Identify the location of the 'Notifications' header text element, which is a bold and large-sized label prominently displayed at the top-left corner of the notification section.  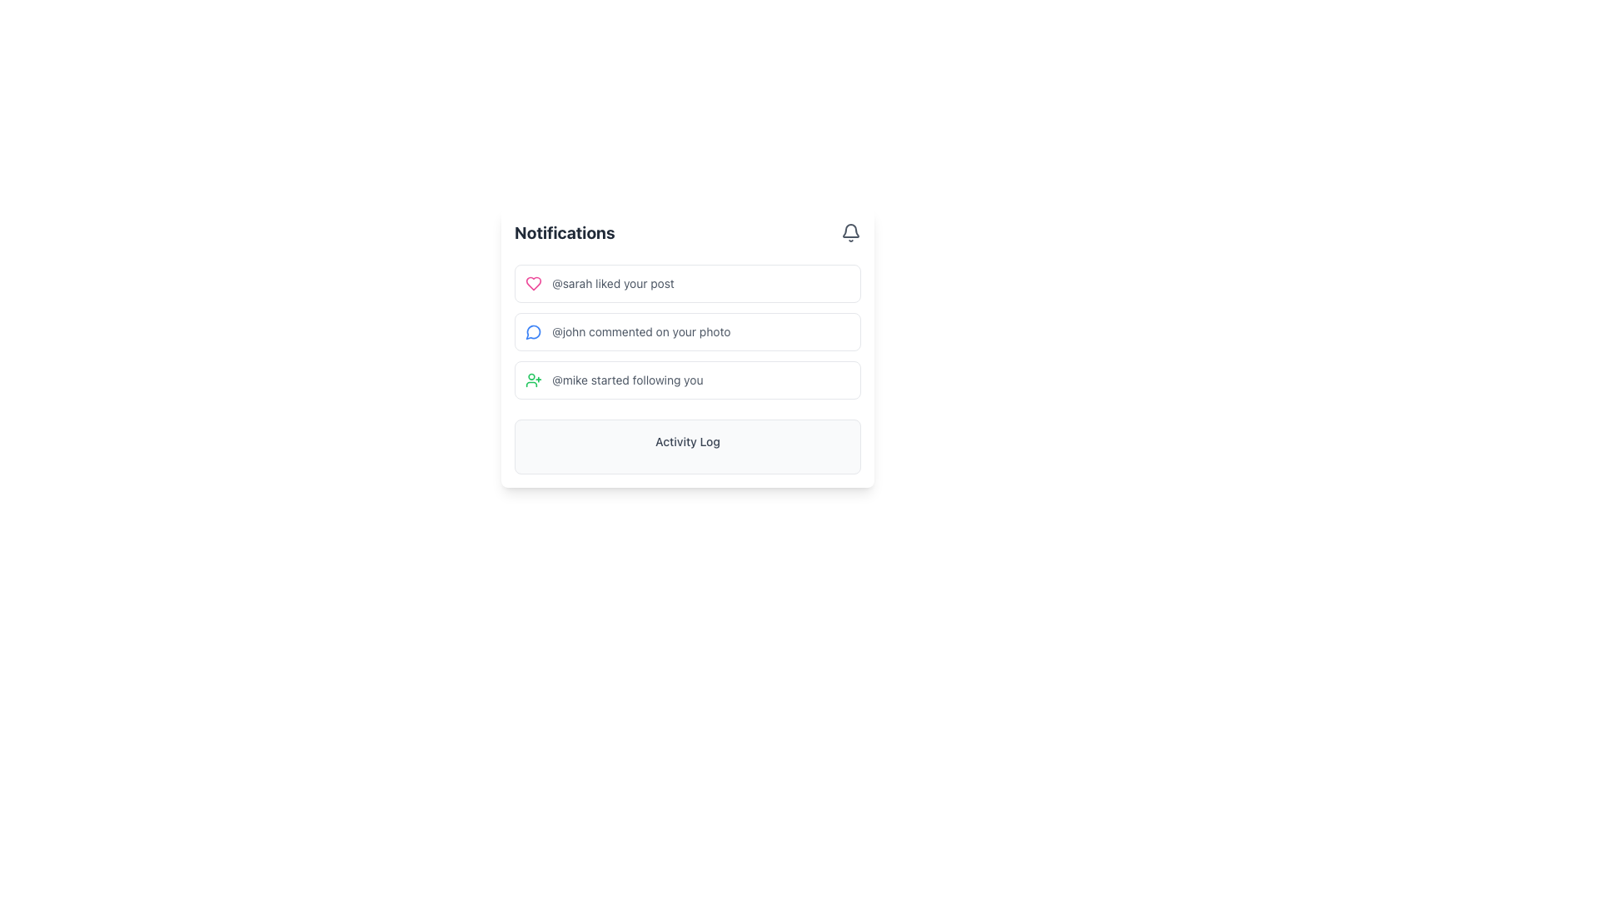
(565, 233).